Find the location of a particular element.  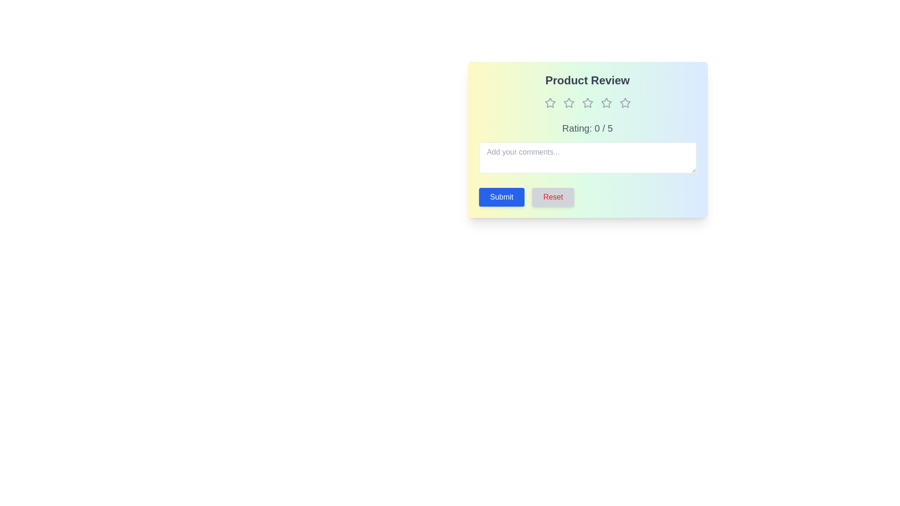

the star corresponding to 4 to set the rating is located at coordinates (606, 103).